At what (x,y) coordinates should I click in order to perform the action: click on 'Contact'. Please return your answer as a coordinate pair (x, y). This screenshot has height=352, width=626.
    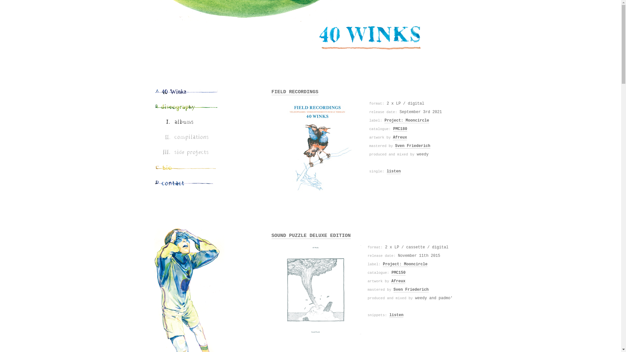
    Looking at the image, I should click on (186, 184).